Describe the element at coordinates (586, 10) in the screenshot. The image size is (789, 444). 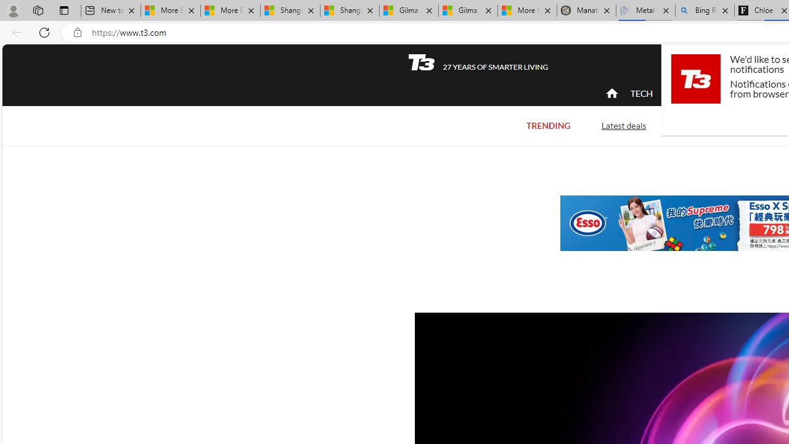
I see `'Manatee Mortality Statistics | FWC'` at that location.